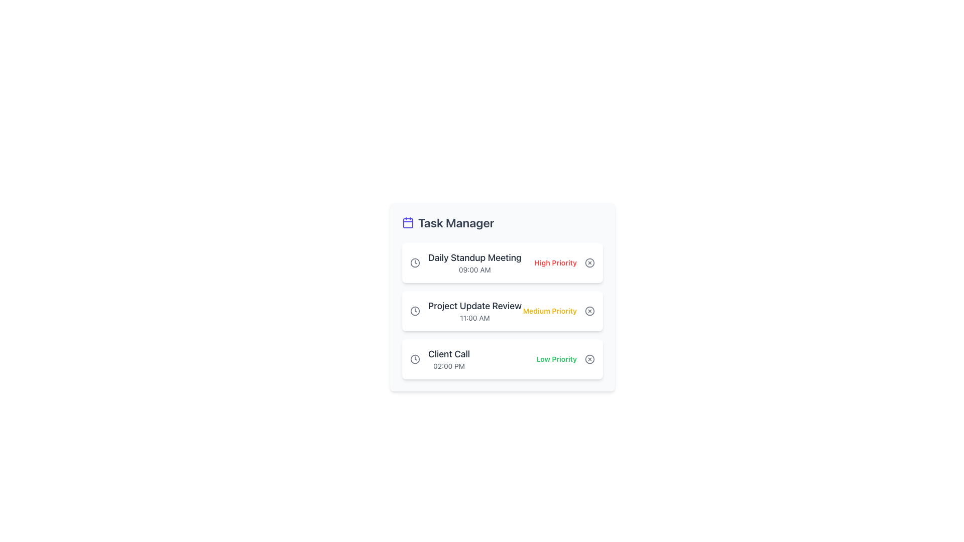 The image size is (964, 542). Describe the element at coordinates (474, 257) in the screenshot. I see `the text label displaying 'Daily Standup Meeting', which is styled in a large and bold font at the top of the first task's description card in the task manager layout` at that location.